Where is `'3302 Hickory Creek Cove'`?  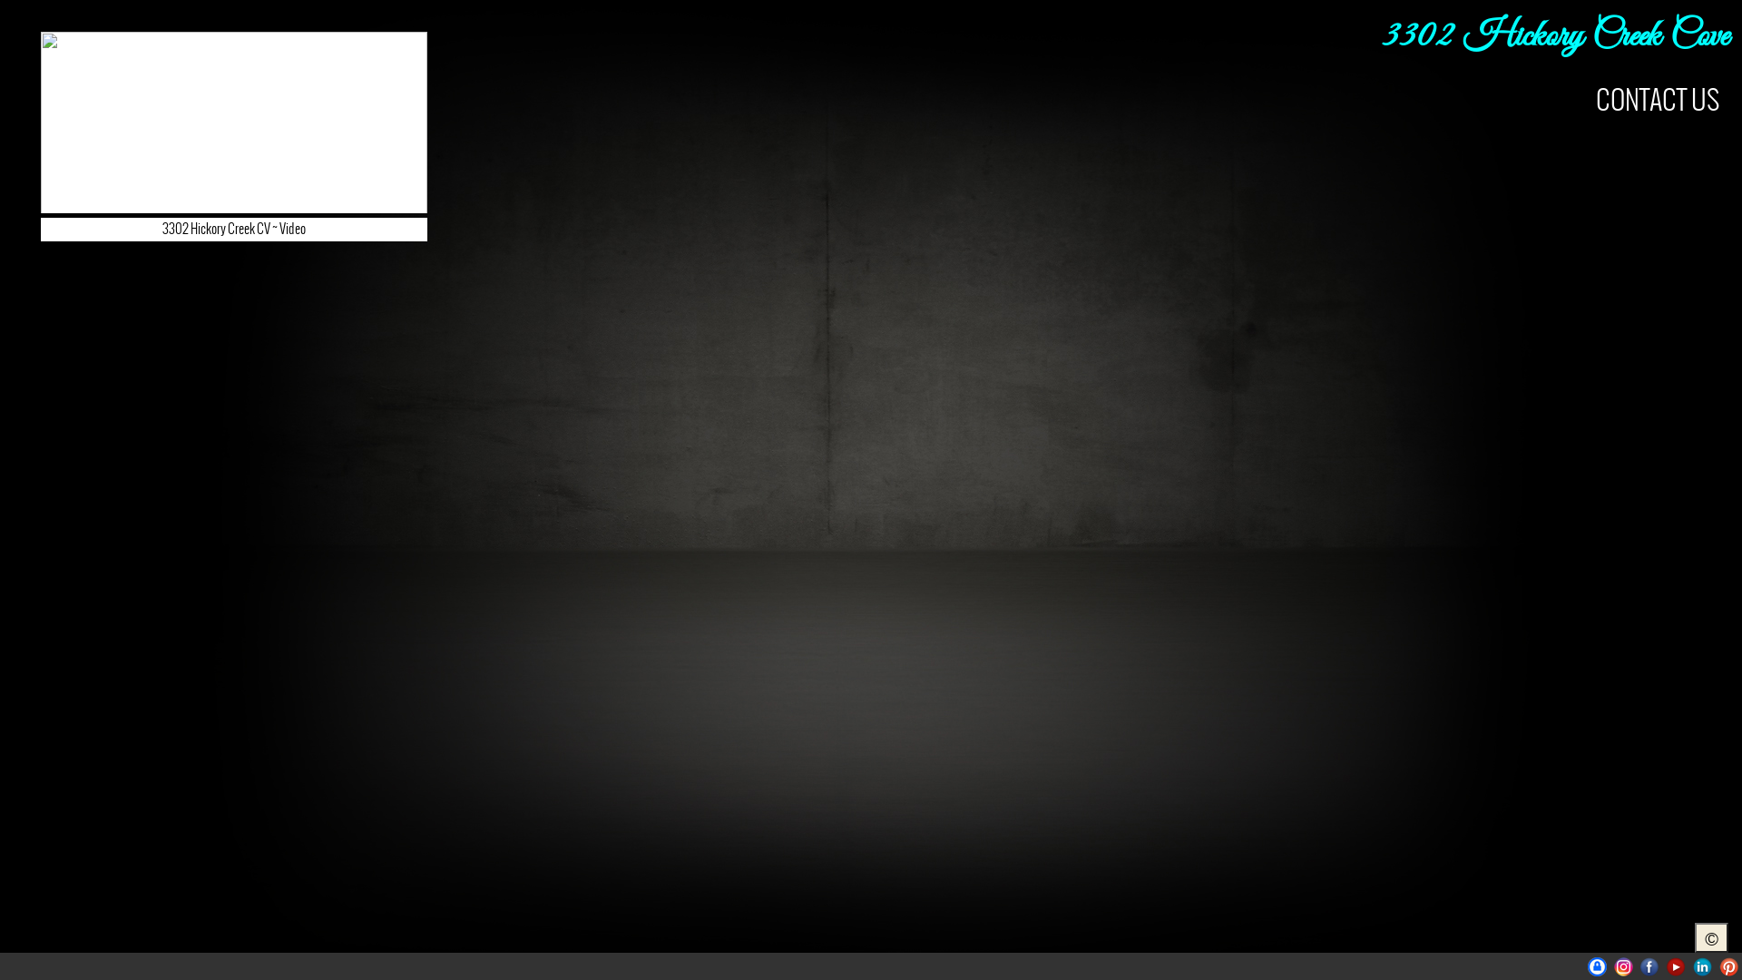 '3302 Hickory Creek Cove' is located at coordinates (1553, 37).